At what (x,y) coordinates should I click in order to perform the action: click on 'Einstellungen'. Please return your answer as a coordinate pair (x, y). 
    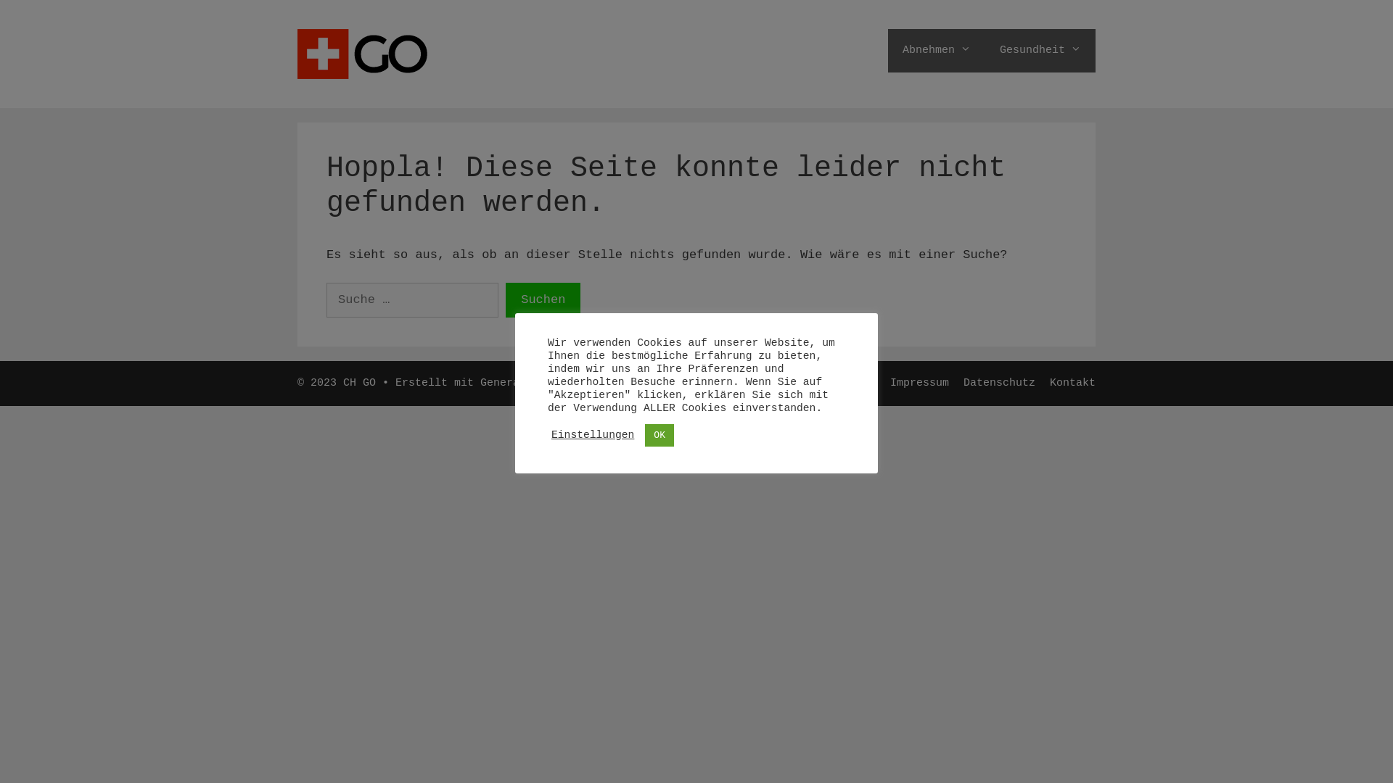
    Looking at the image, I should click on (592, 434).